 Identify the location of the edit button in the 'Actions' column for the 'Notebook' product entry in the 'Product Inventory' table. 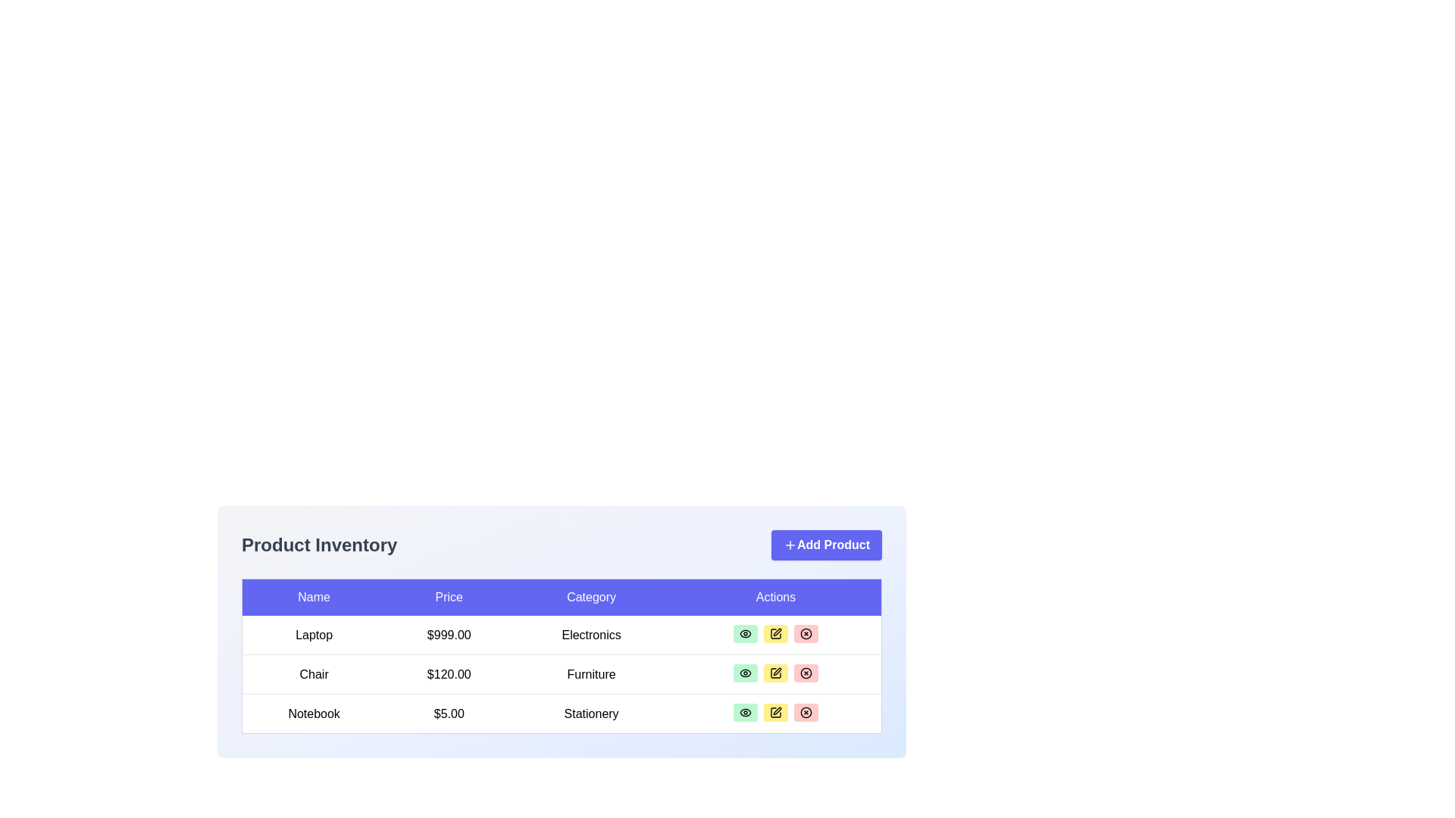
(776, 713).